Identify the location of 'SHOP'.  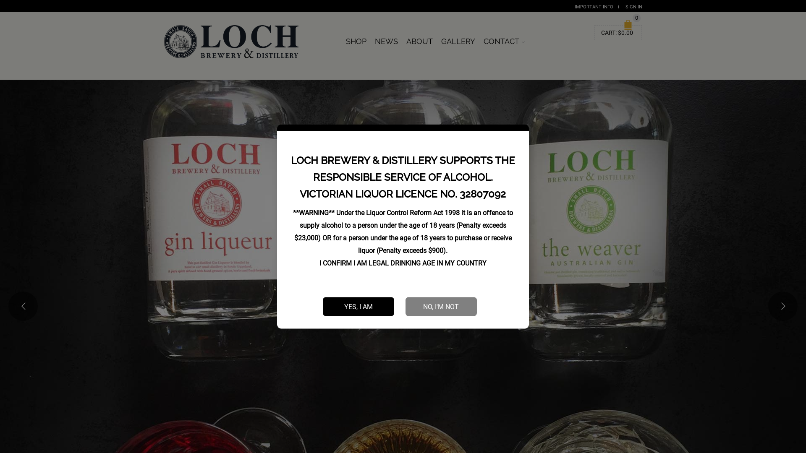
(342, 42).